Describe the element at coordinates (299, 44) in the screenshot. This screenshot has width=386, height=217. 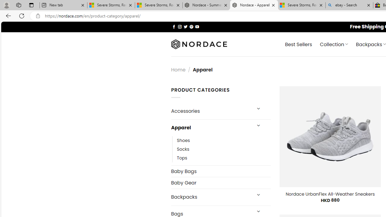
I see `' Best Sellers'` at that location.